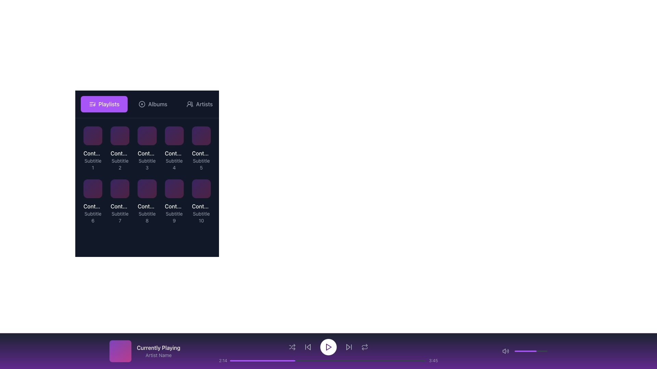  What do you see at coordinates (108, 104) in the screenshot?
I see `text label displaying 'Playlists' located in the navigation panel, which is styled with a purple background and white font` at bounding box center [108, 104].